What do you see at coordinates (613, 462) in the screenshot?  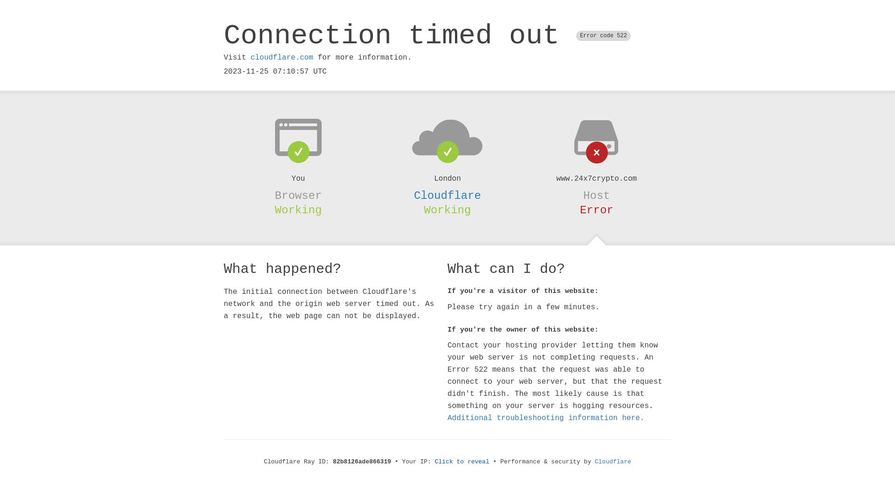 I see `'Cloudflare'` at bounding box center [613, 462].